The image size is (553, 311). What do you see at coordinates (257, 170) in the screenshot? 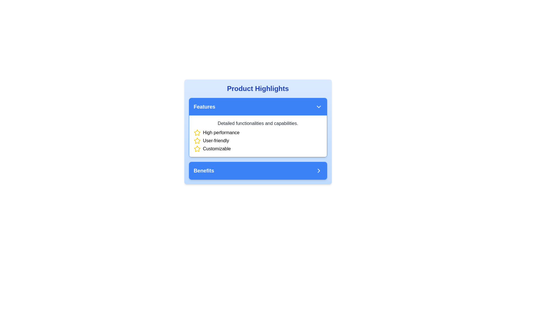
I see `the 'Benefits' button in the 'Product Highlights' panel` at bounding box center [257, 170].